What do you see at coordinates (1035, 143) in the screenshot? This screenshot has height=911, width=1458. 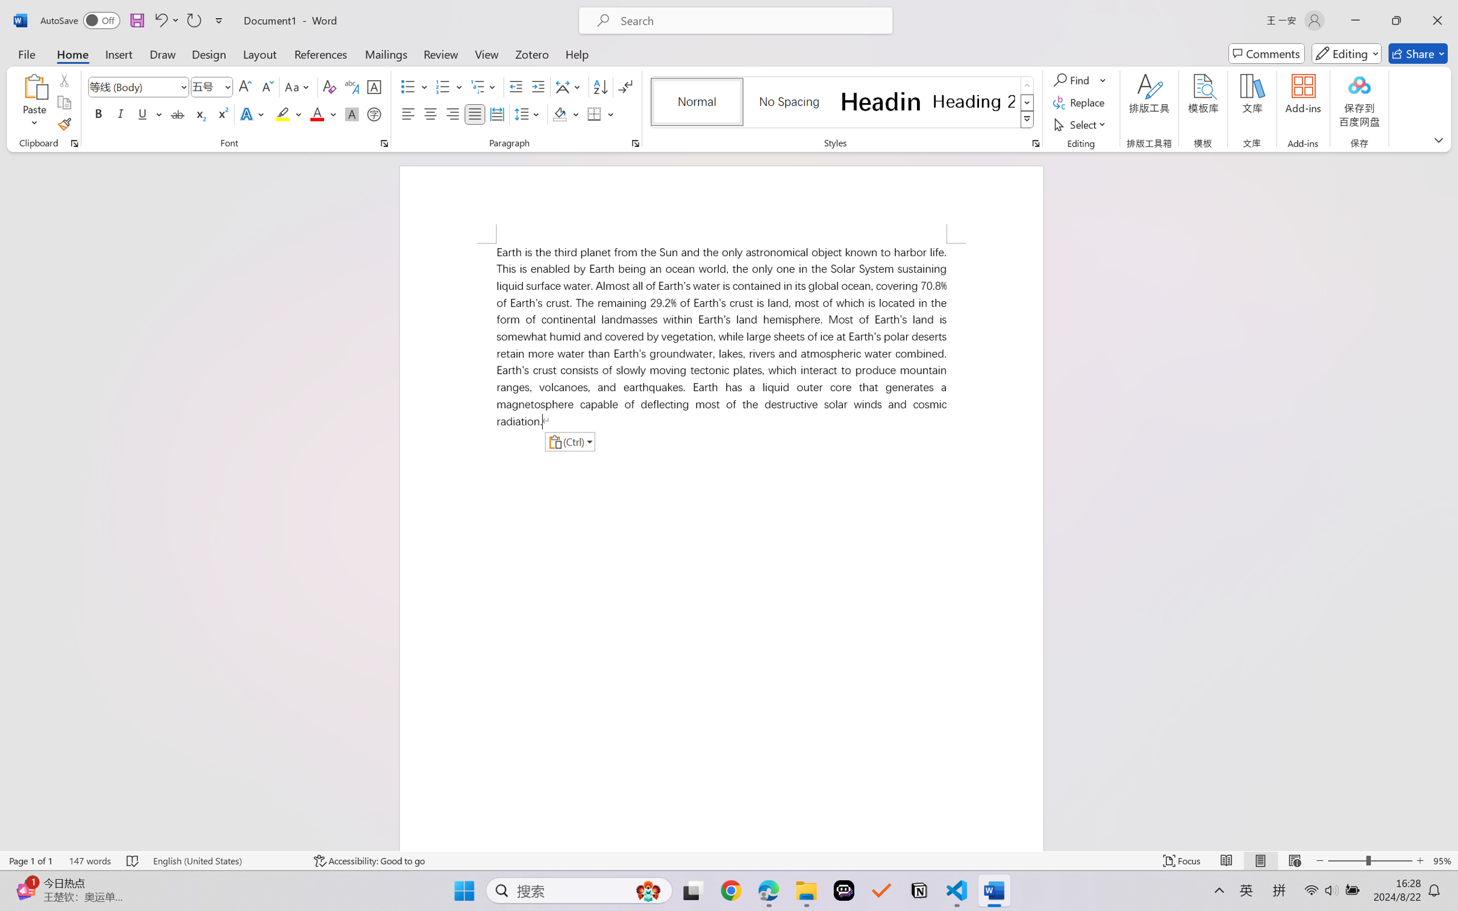 I see `'Styles...'` at bounding box center [1035, 143].